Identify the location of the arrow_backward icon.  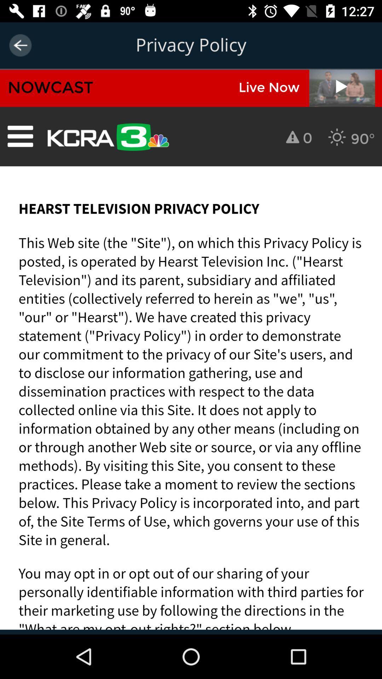
(20, 45).